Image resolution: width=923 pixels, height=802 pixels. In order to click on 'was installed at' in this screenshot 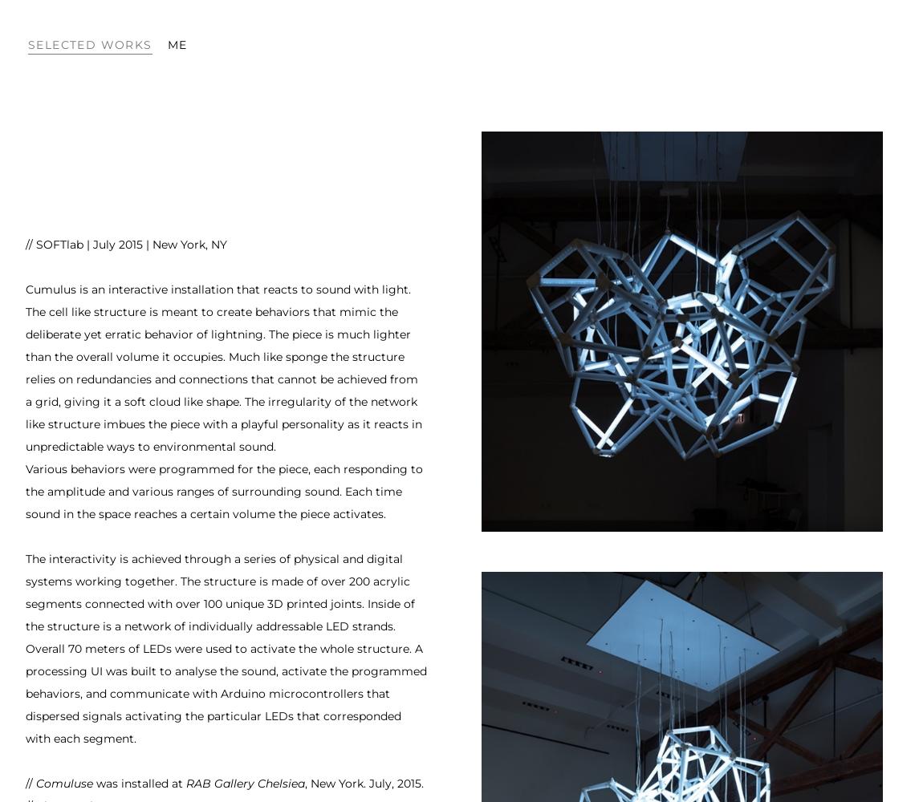, I will do `click(138, 783)`.